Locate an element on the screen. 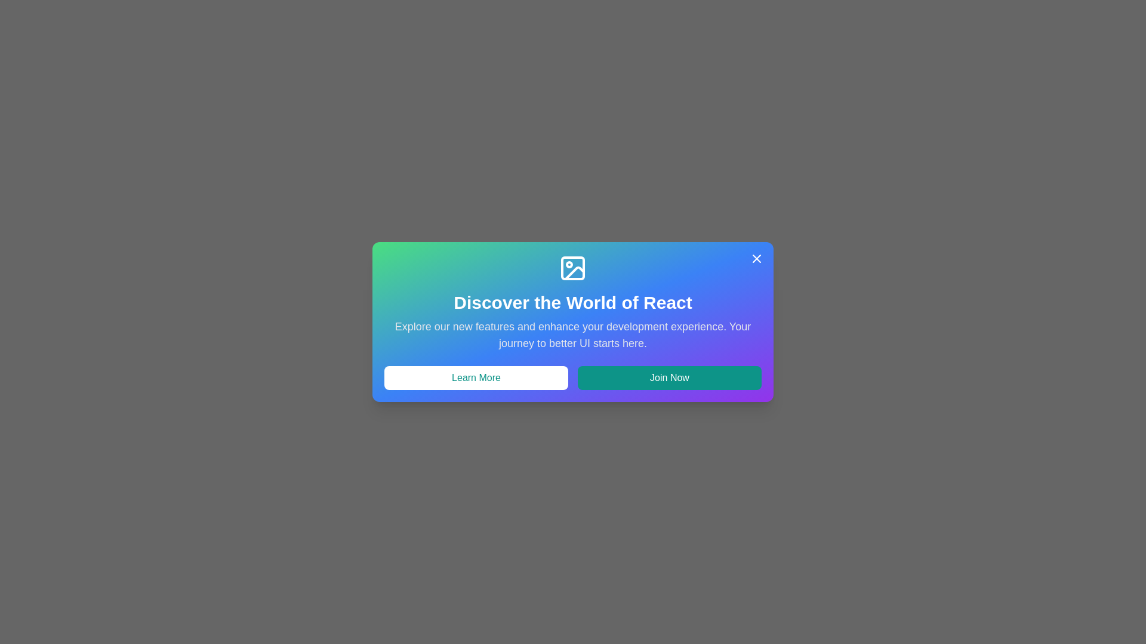 The height and width of the screenshot is (644, 1146). the close button at the top-right corner of the dialog to close it is located at coordinates (756, 258).